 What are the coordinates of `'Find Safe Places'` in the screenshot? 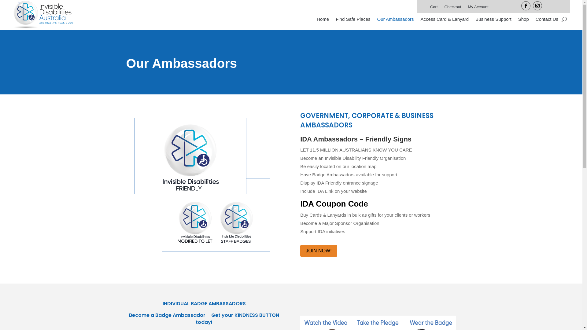 It's located at (353, 20).